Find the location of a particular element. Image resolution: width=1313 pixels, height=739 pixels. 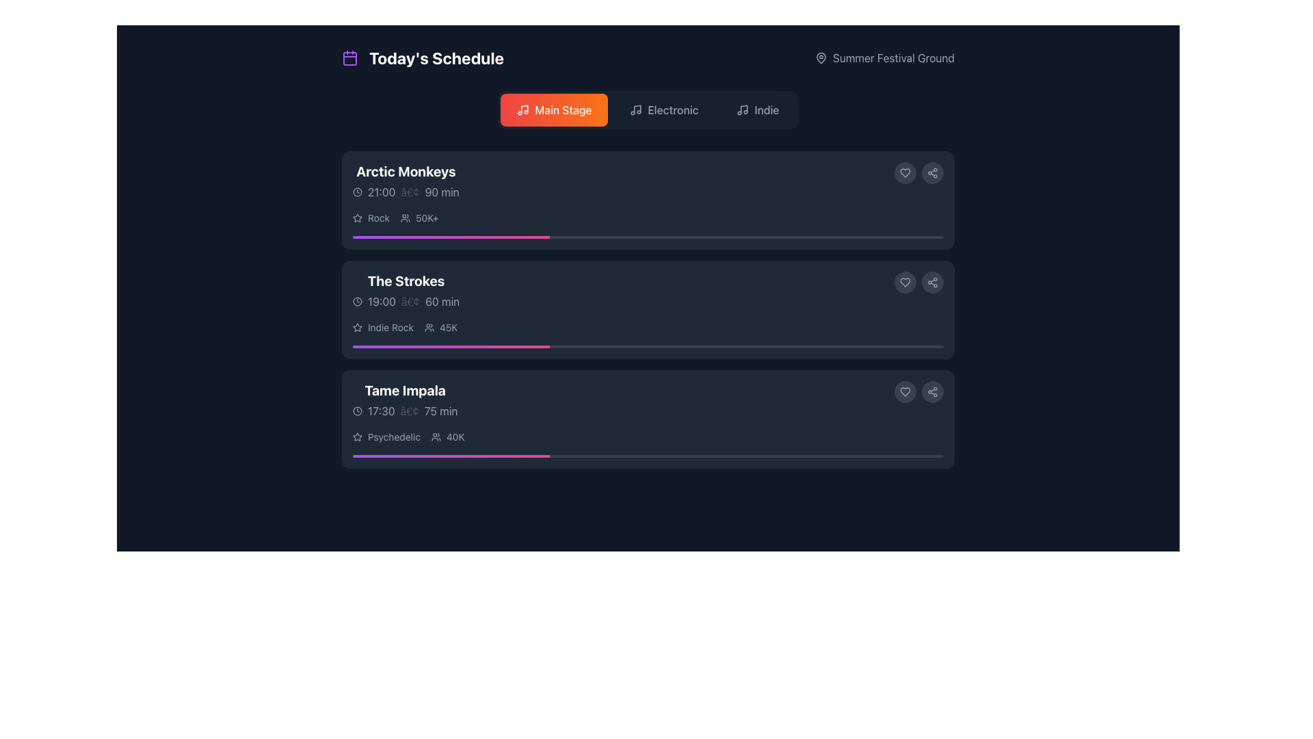

the Progress Bar at the bottom of the 'Arctic Monkeys' event card, which is styled with a dark gray background and a gradient fill from purple to pink is located at coordinates (648, 237).